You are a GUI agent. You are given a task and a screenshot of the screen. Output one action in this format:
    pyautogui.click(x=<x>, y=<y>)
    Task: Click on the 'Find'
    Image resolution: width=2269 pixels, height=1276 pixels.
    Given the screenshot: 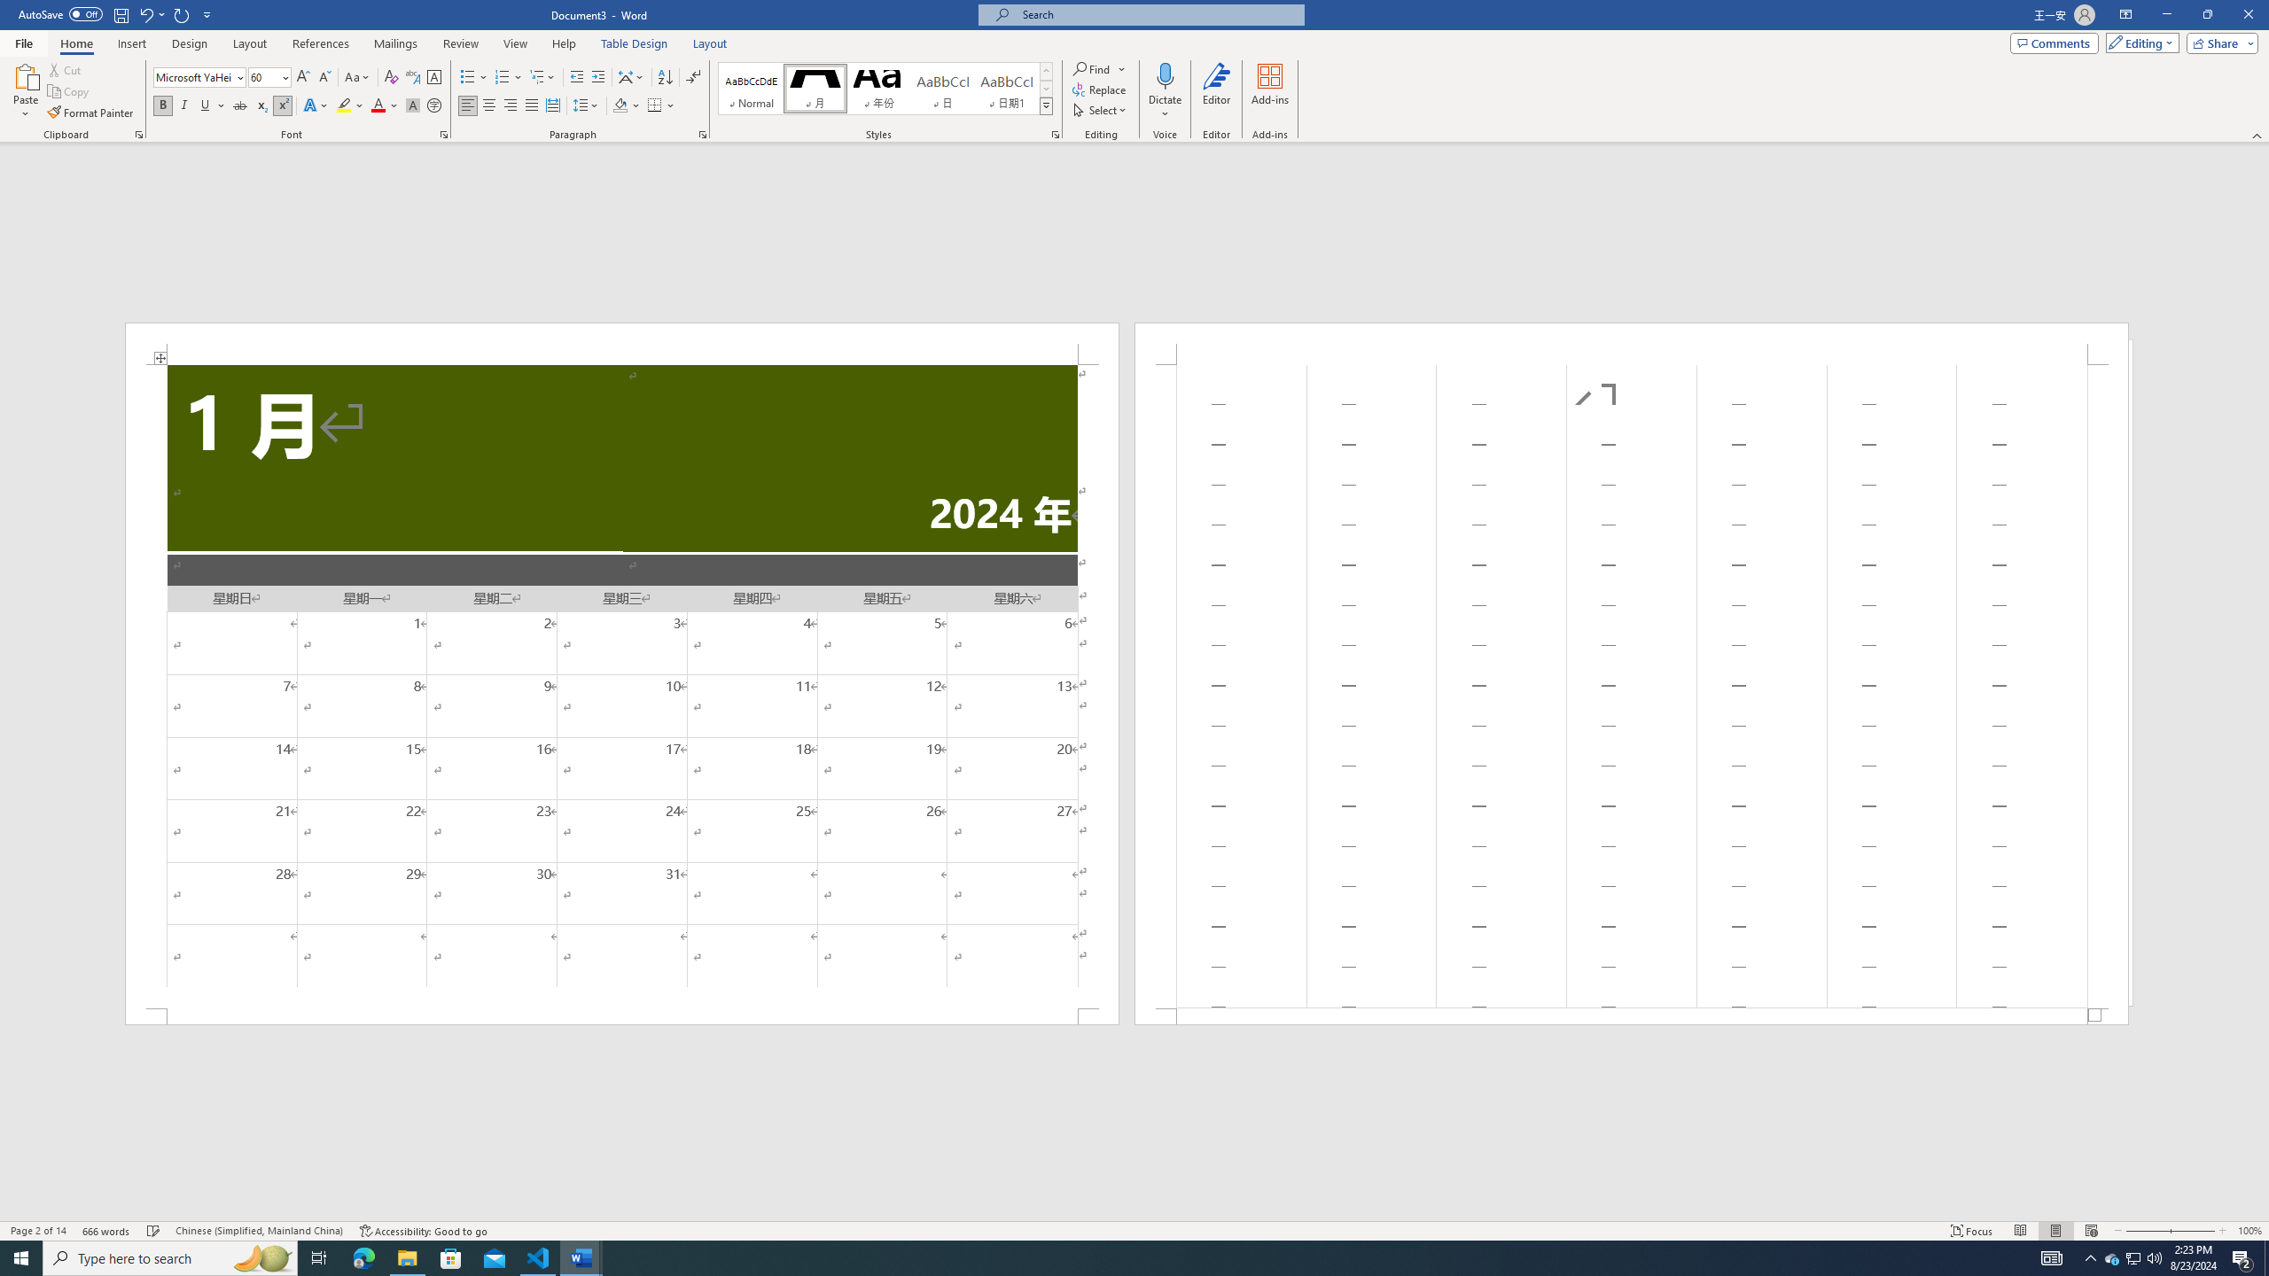 What is the action you would take?
    pyautogui.click(x=1091, y=68)
    